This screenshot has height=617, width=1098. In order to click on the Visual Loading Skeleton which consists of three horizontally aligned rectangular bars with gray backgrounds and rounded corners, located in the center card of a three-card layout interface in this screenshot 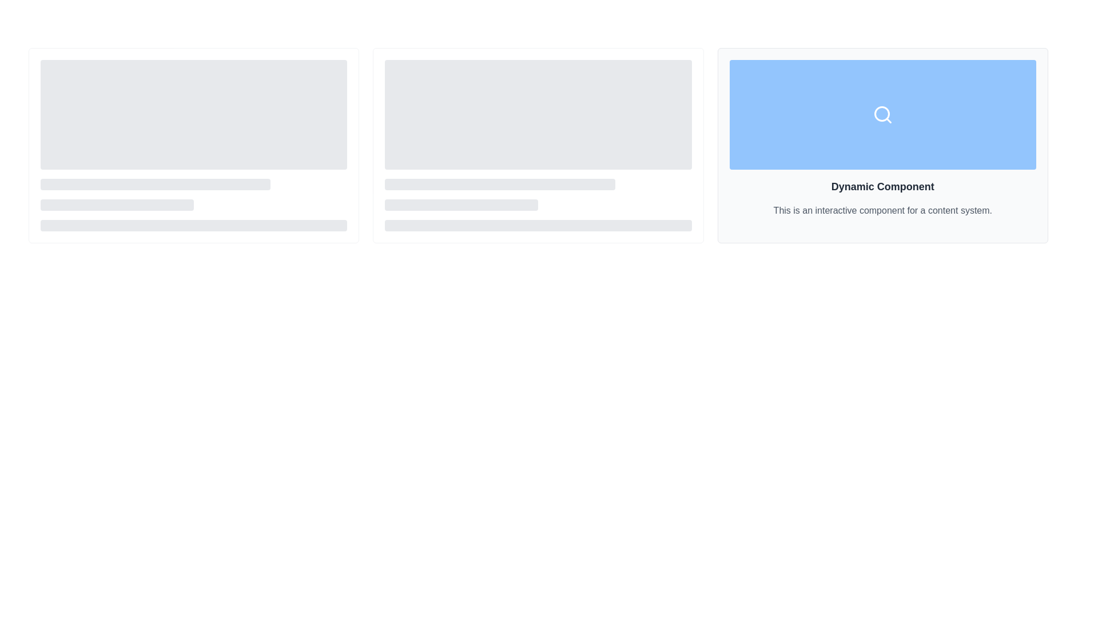, I will do `click(538, 204)`.